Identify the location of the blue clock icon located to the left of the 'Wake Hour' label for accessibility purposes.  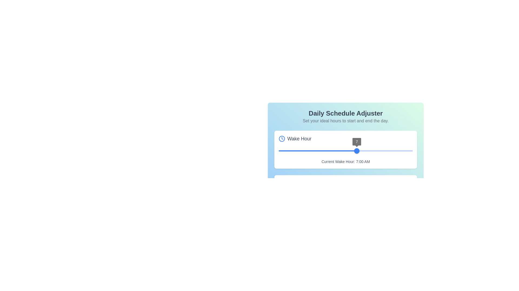
(281, 138).